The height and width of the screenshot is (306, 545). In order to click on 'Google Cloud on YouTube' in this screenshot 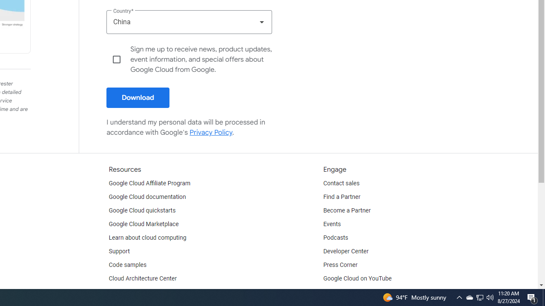, I will do `click(357, 278)`.